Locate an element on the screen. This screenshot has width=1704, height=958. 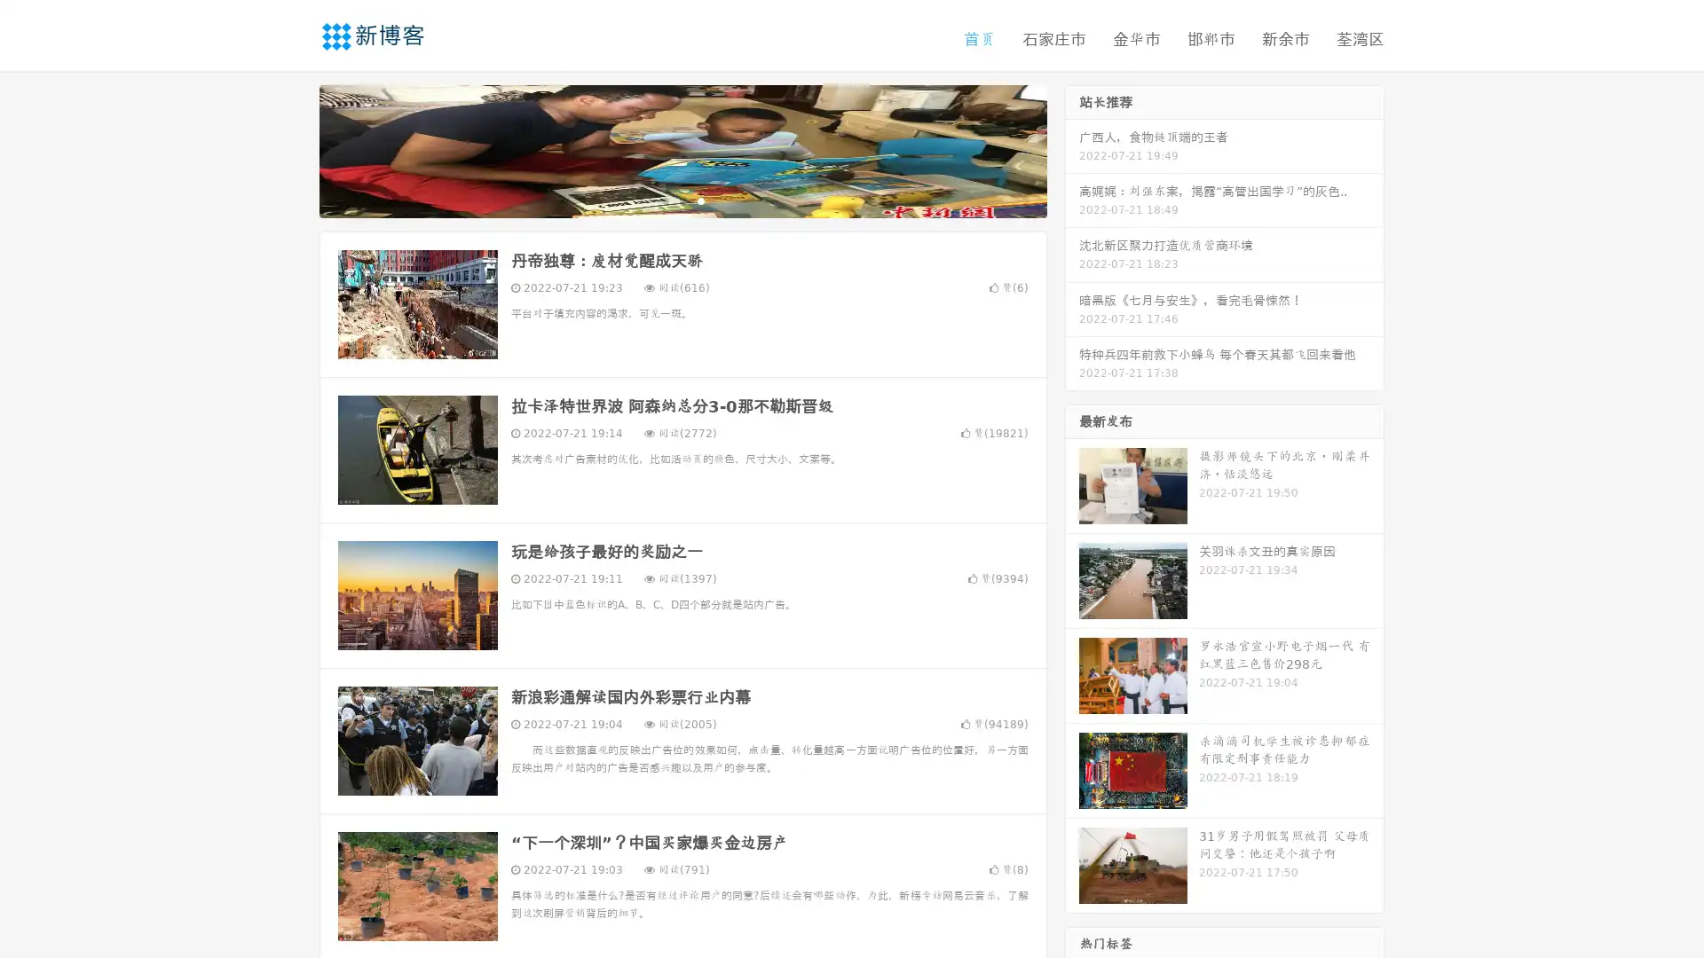
Go to slide 1 is located at coordinates (664, 200).